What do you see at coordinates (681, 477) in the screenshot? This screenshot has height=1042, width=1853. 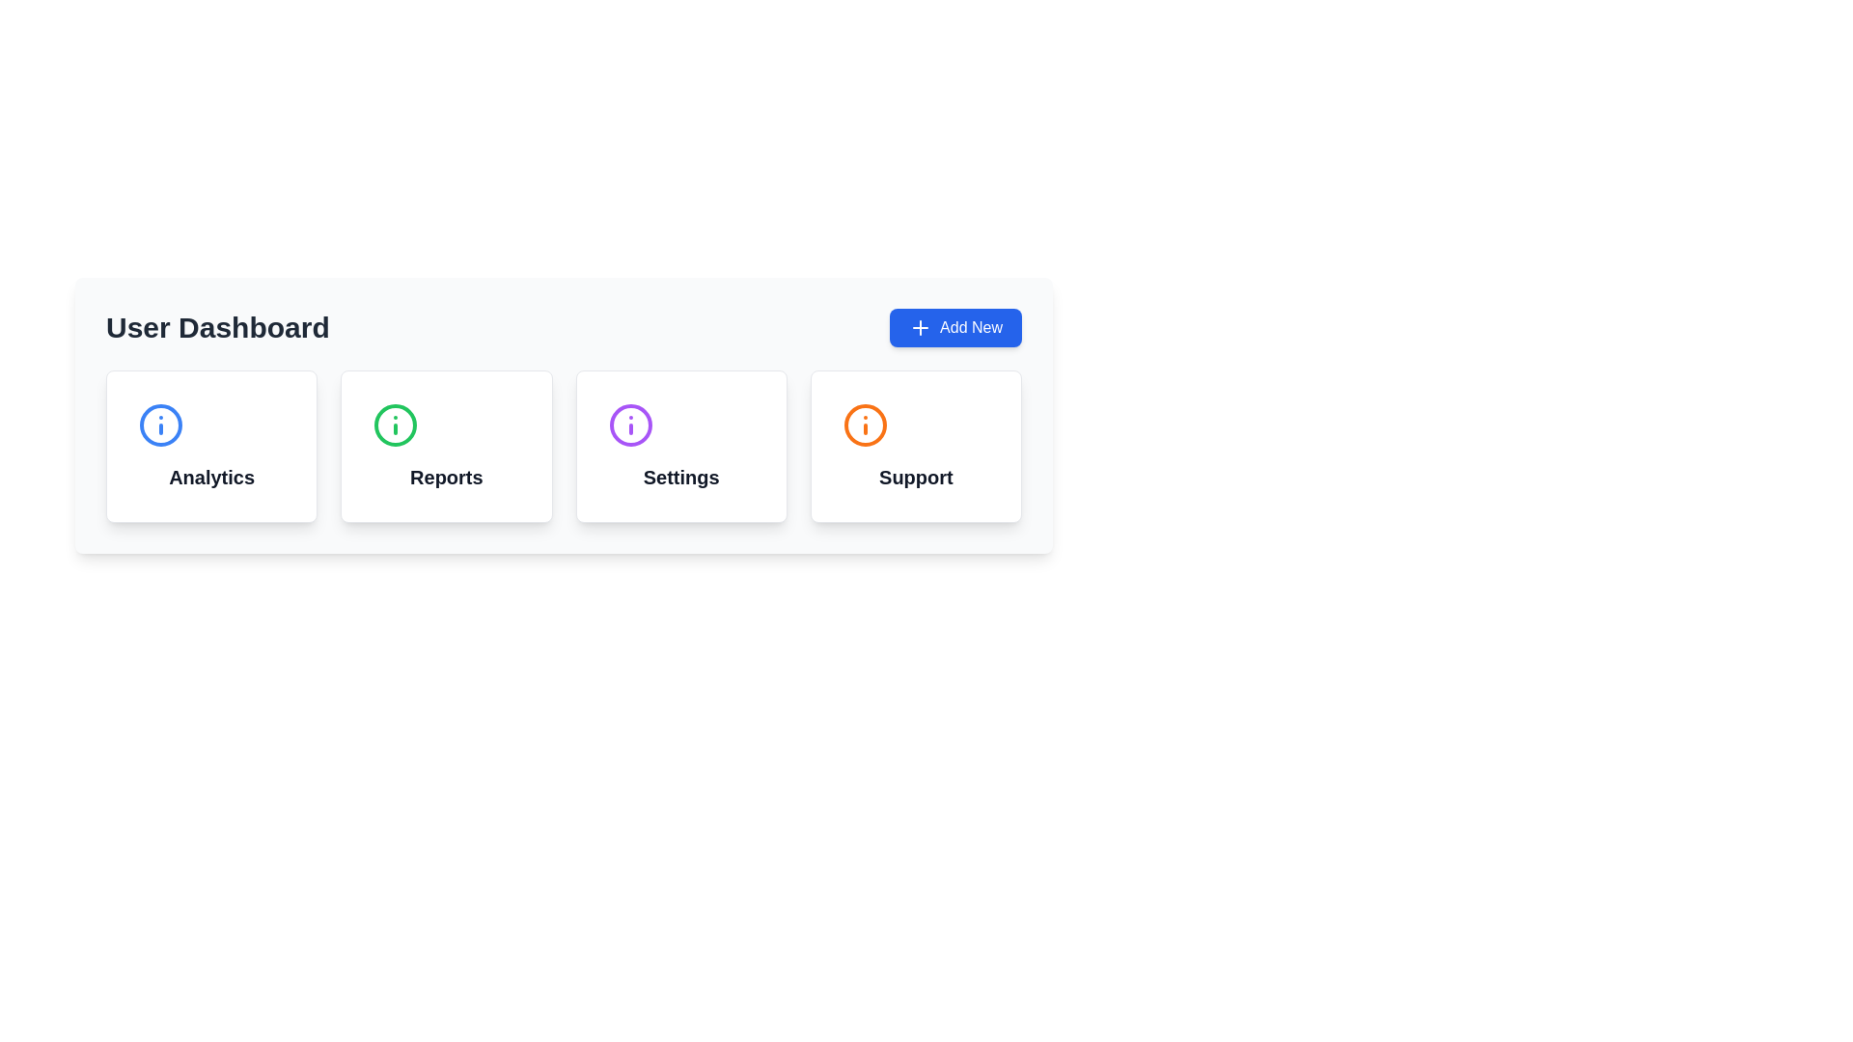 I see `the 'Settings' text label located in the third card of the grid layout` at bounding box center [681, 477].